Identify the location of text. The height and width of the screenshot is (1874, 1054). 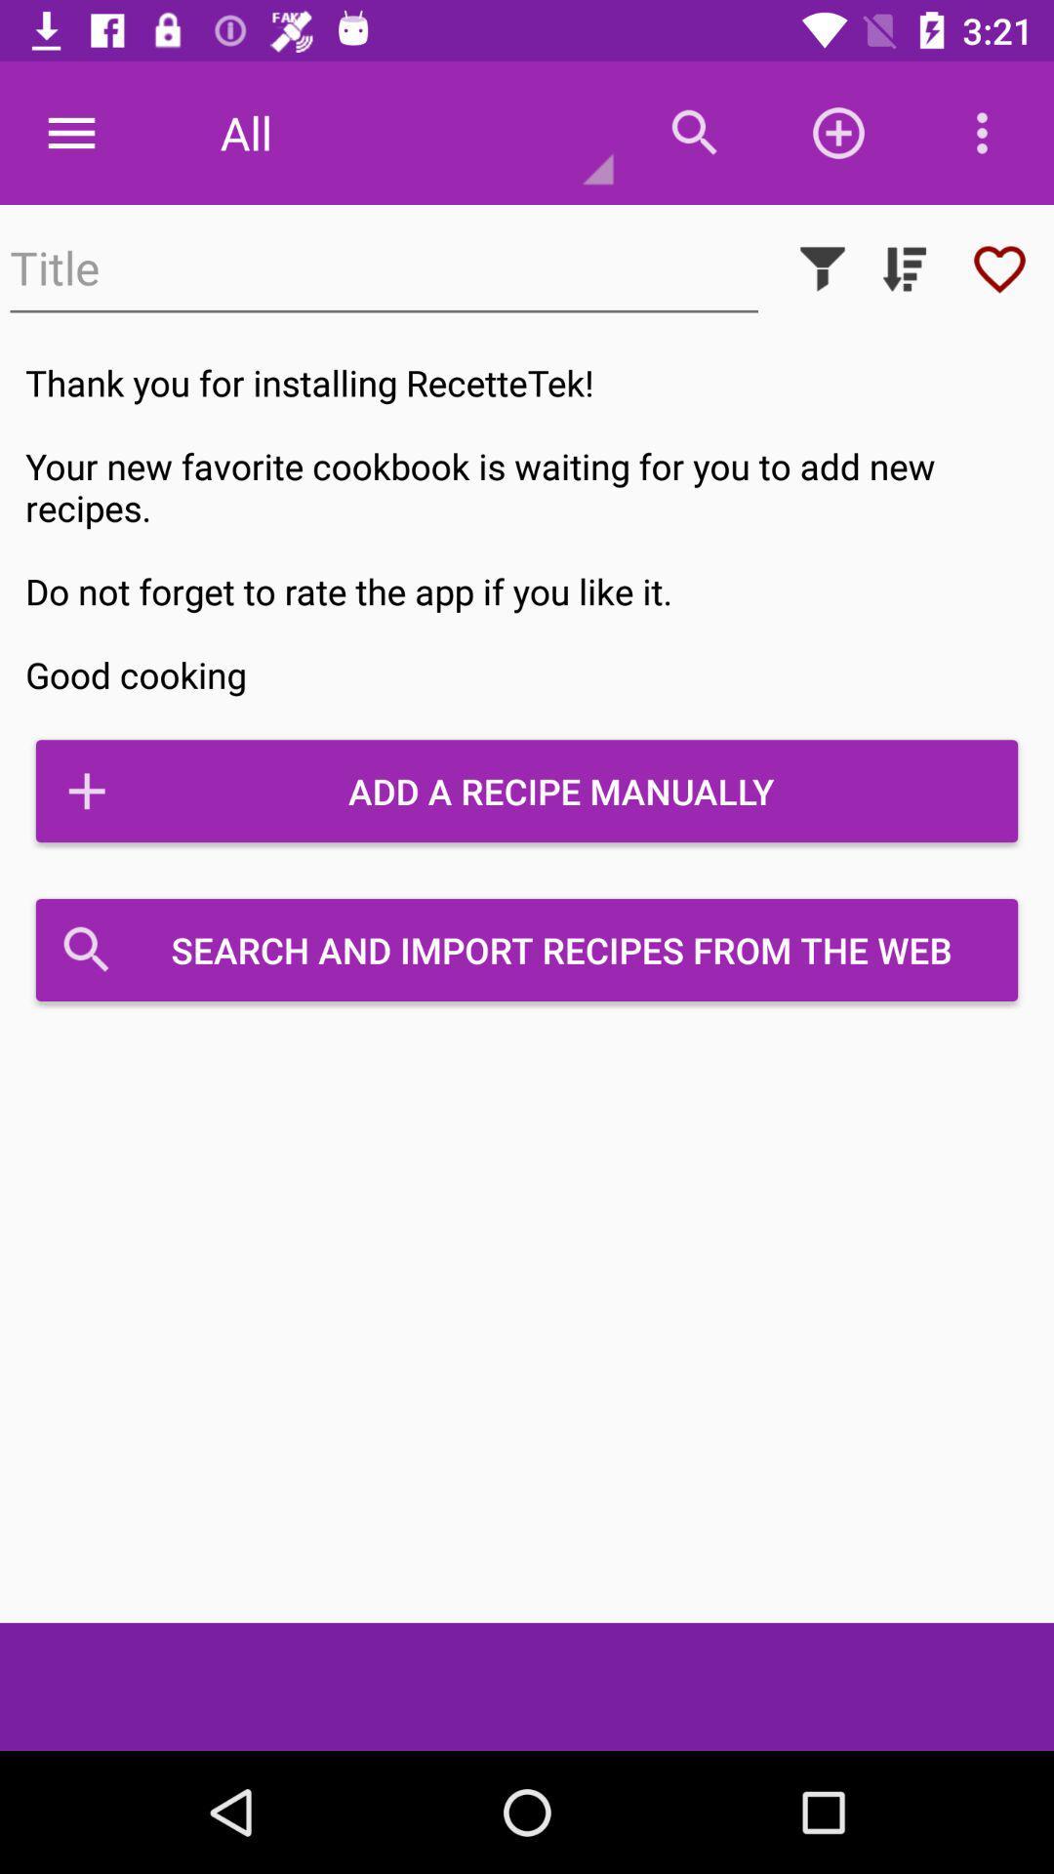
(384, 267).